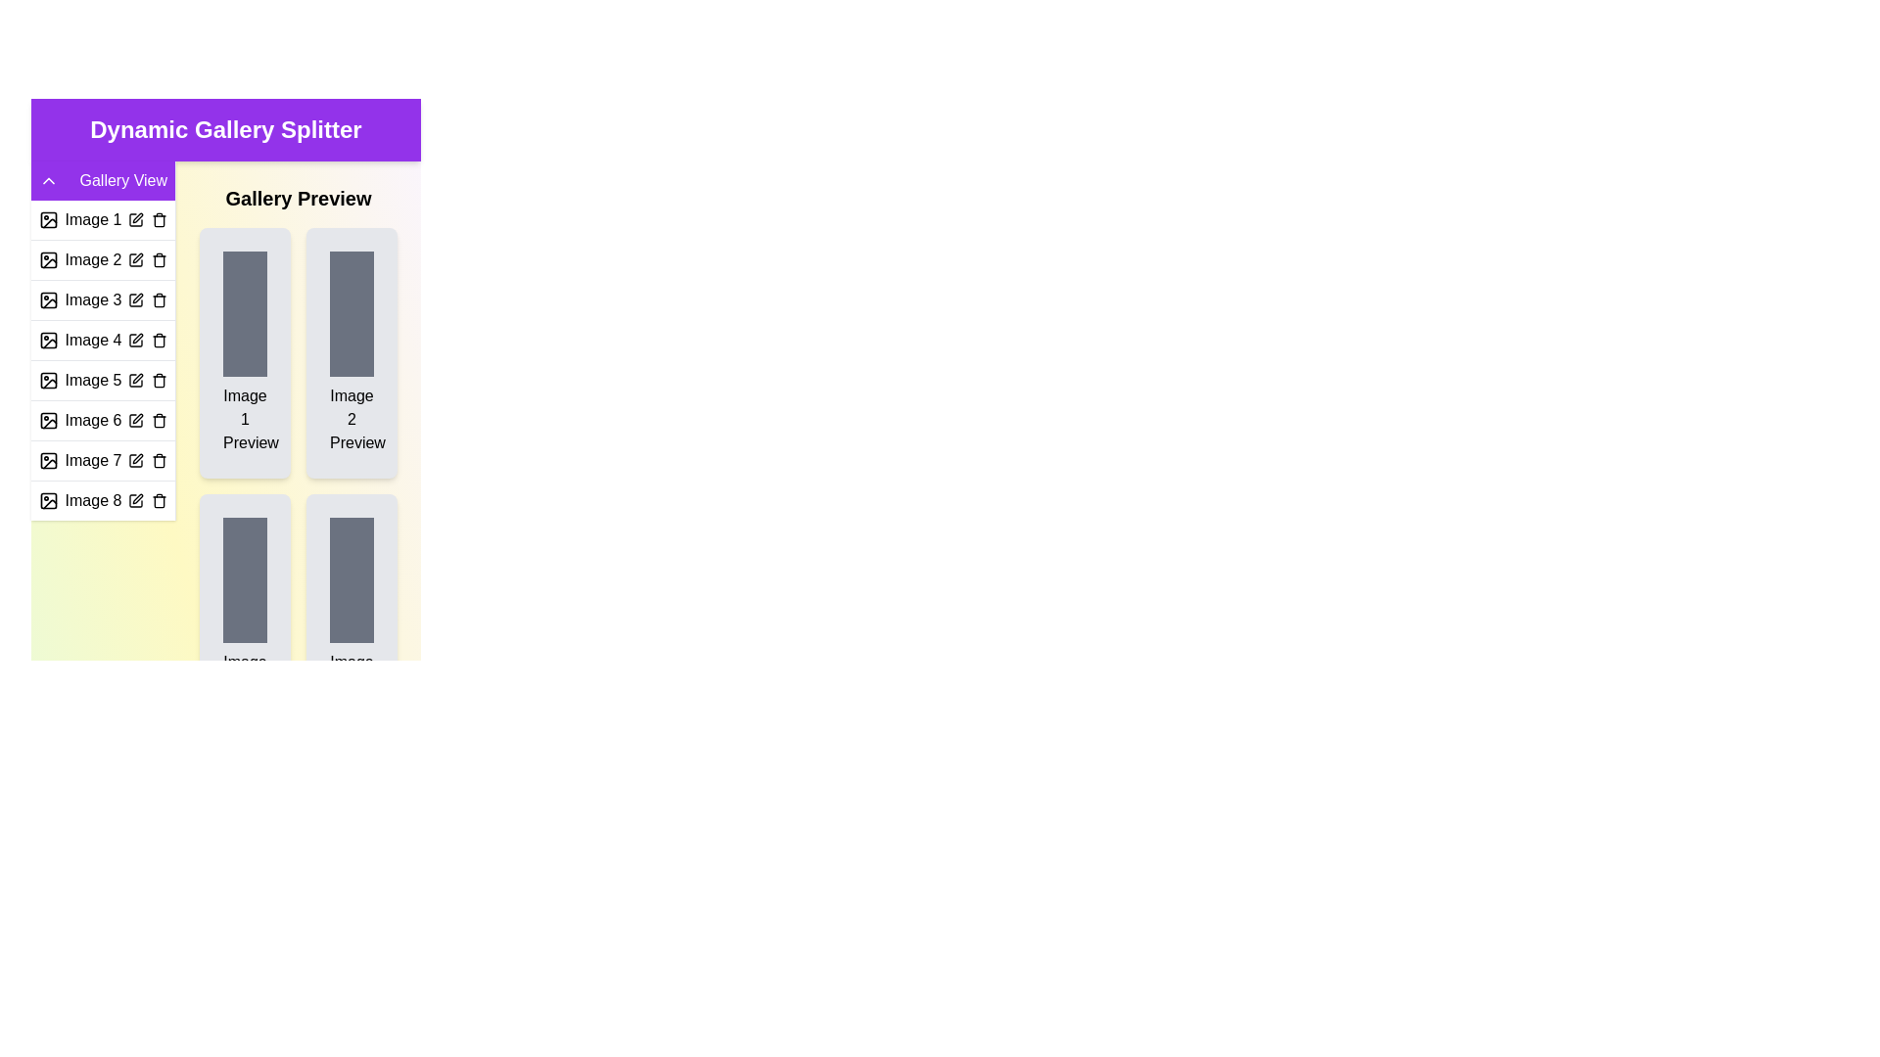  Describe the element at coordinates (146, 300) in the screenshot. I see `the pencil icon in the interactive group of buttons for 'Image 3' in the 'Gallery View' section` at that location.